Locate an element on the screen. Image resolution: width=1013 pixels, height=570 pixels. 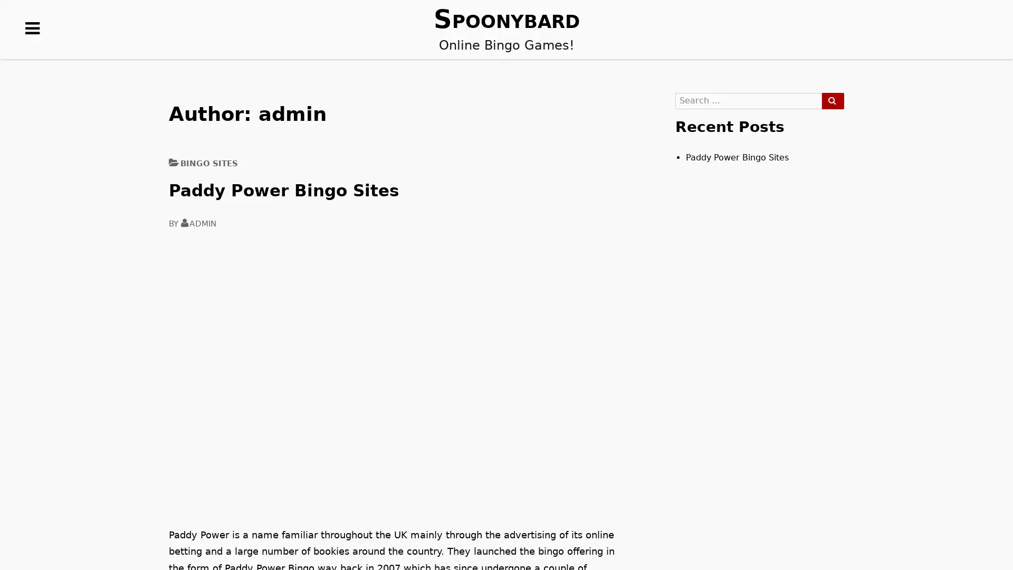
MENUS is located at coordinates (33, 44).